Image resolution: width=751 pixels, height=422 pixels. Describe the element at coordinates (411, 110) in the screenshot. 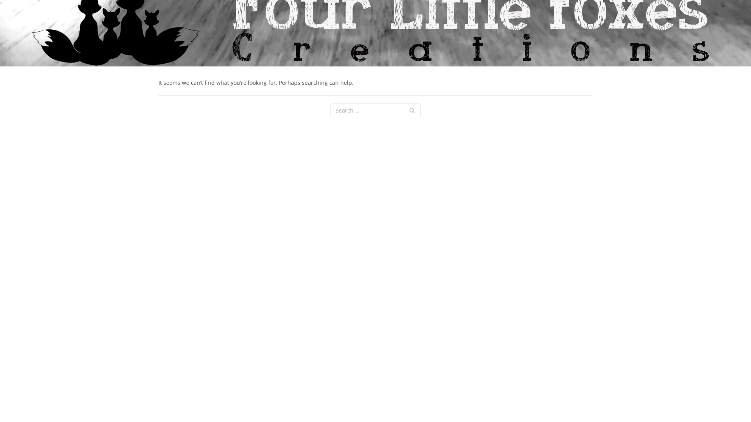

I see `'Search'` at that location.